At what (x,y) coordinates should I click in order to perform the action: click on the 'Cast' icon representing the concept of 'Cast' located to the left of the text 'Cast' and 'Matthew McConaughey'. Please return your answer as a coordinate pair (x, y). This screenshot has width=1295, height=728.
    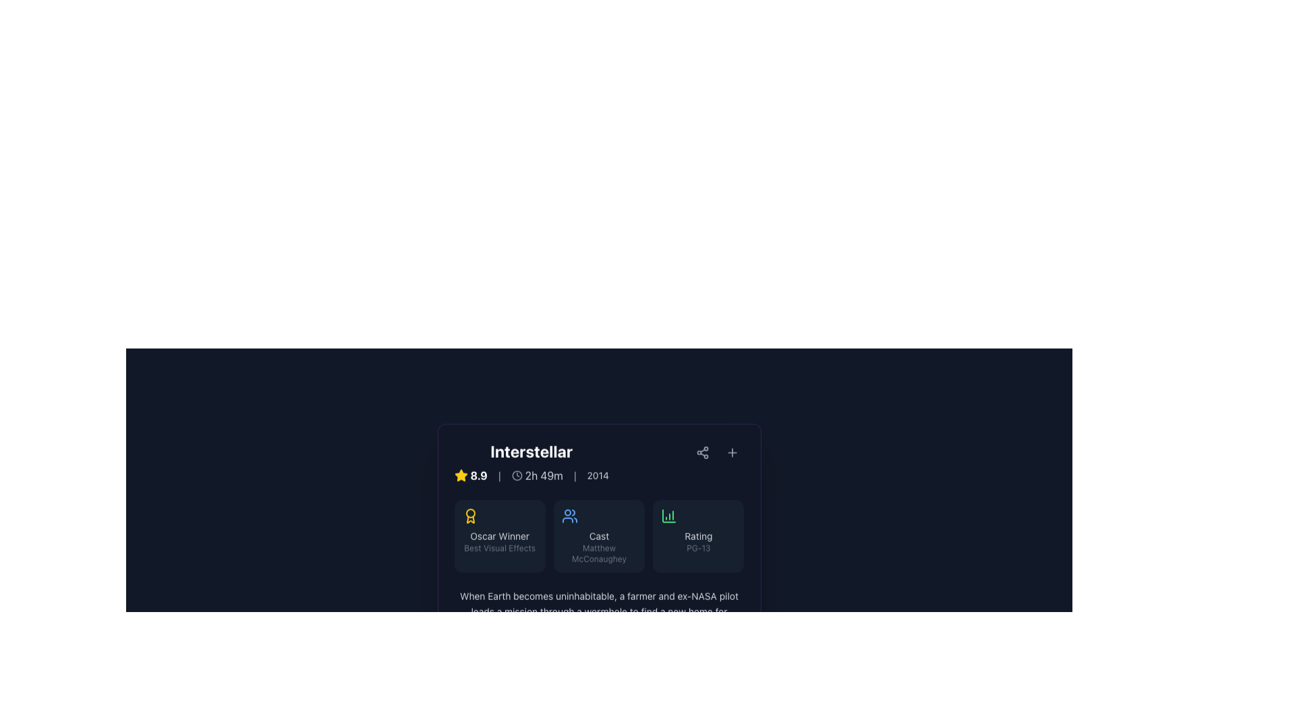
    Looking at the image, I should click on (569, 516).